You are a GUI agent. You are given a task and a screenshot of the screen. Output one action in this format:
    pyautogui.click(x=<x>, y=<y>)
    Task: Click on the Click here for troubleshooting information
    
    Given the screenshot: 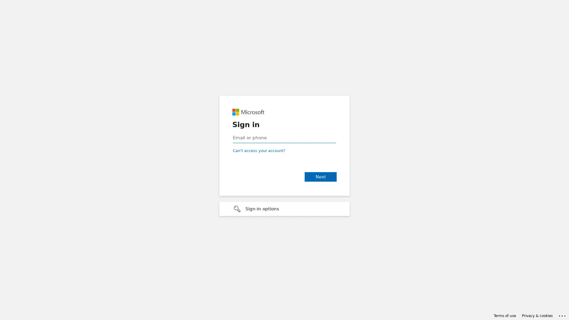 What is the action you would take?
    pyautogui.click(x=562, y=315)
    